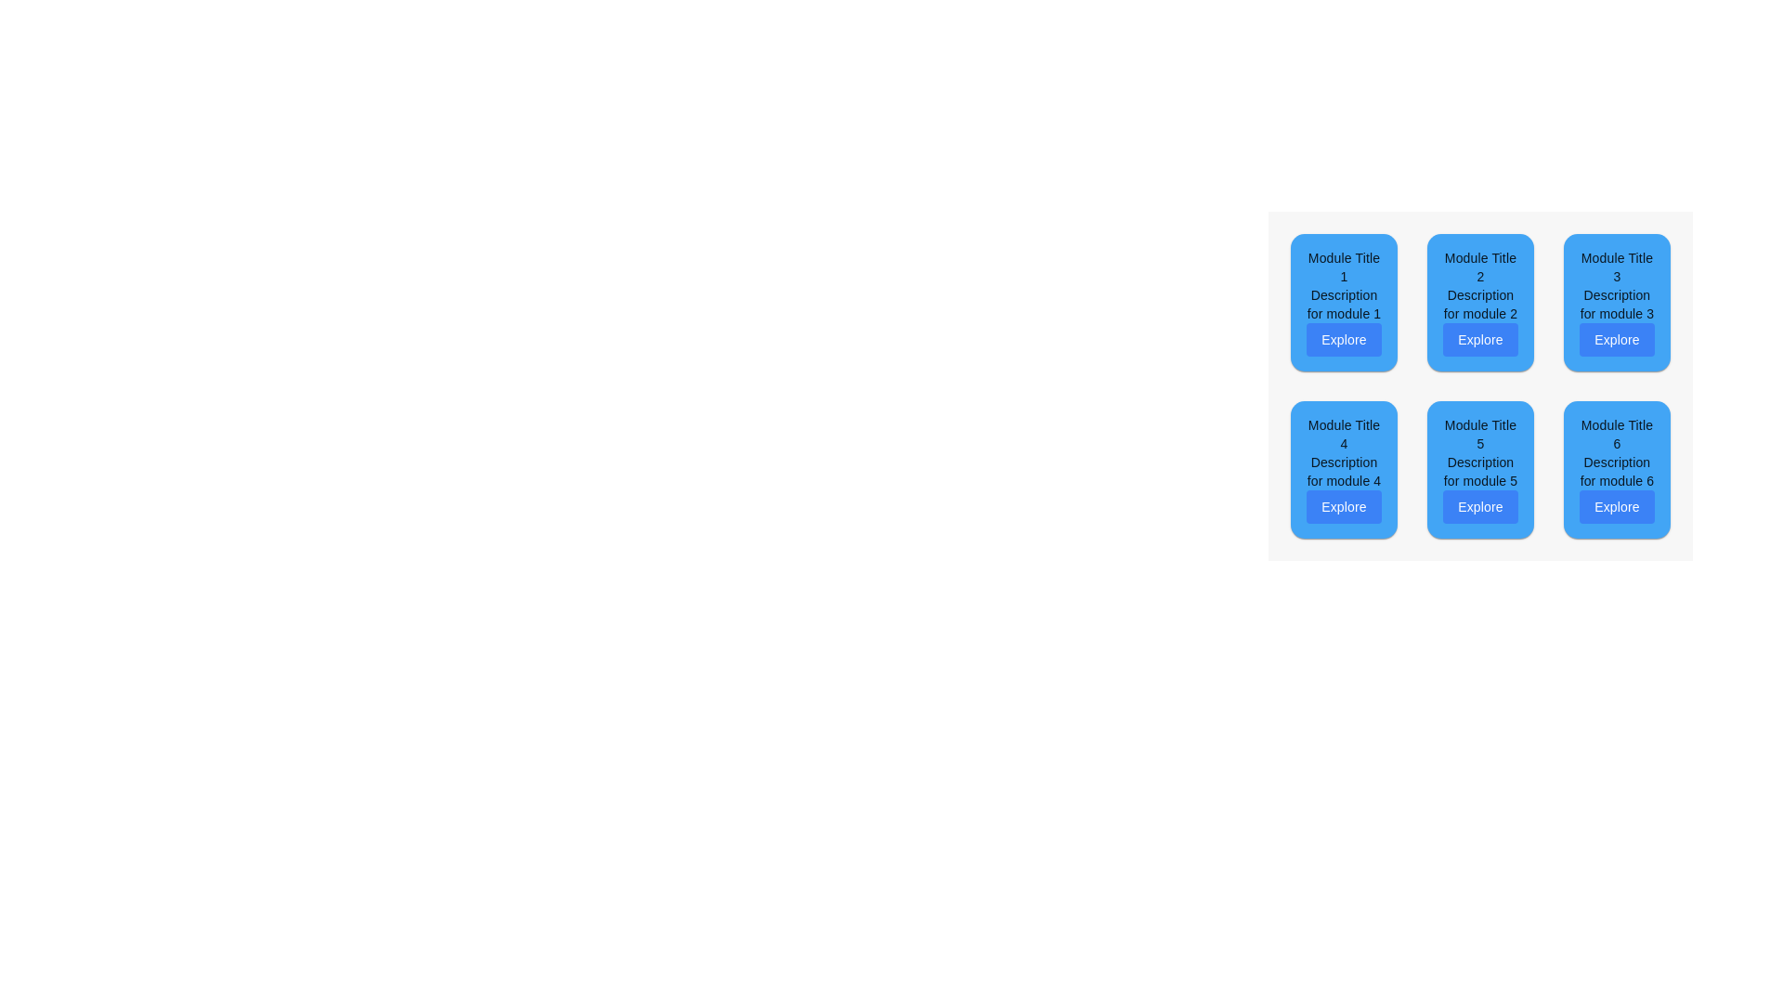  Describe the element at coordinates (1344, 340) in the screenshot. I see `the button located below 'Module Title 1' and 'Description for module 1' in the first row and first column of the grid layout` at that location.